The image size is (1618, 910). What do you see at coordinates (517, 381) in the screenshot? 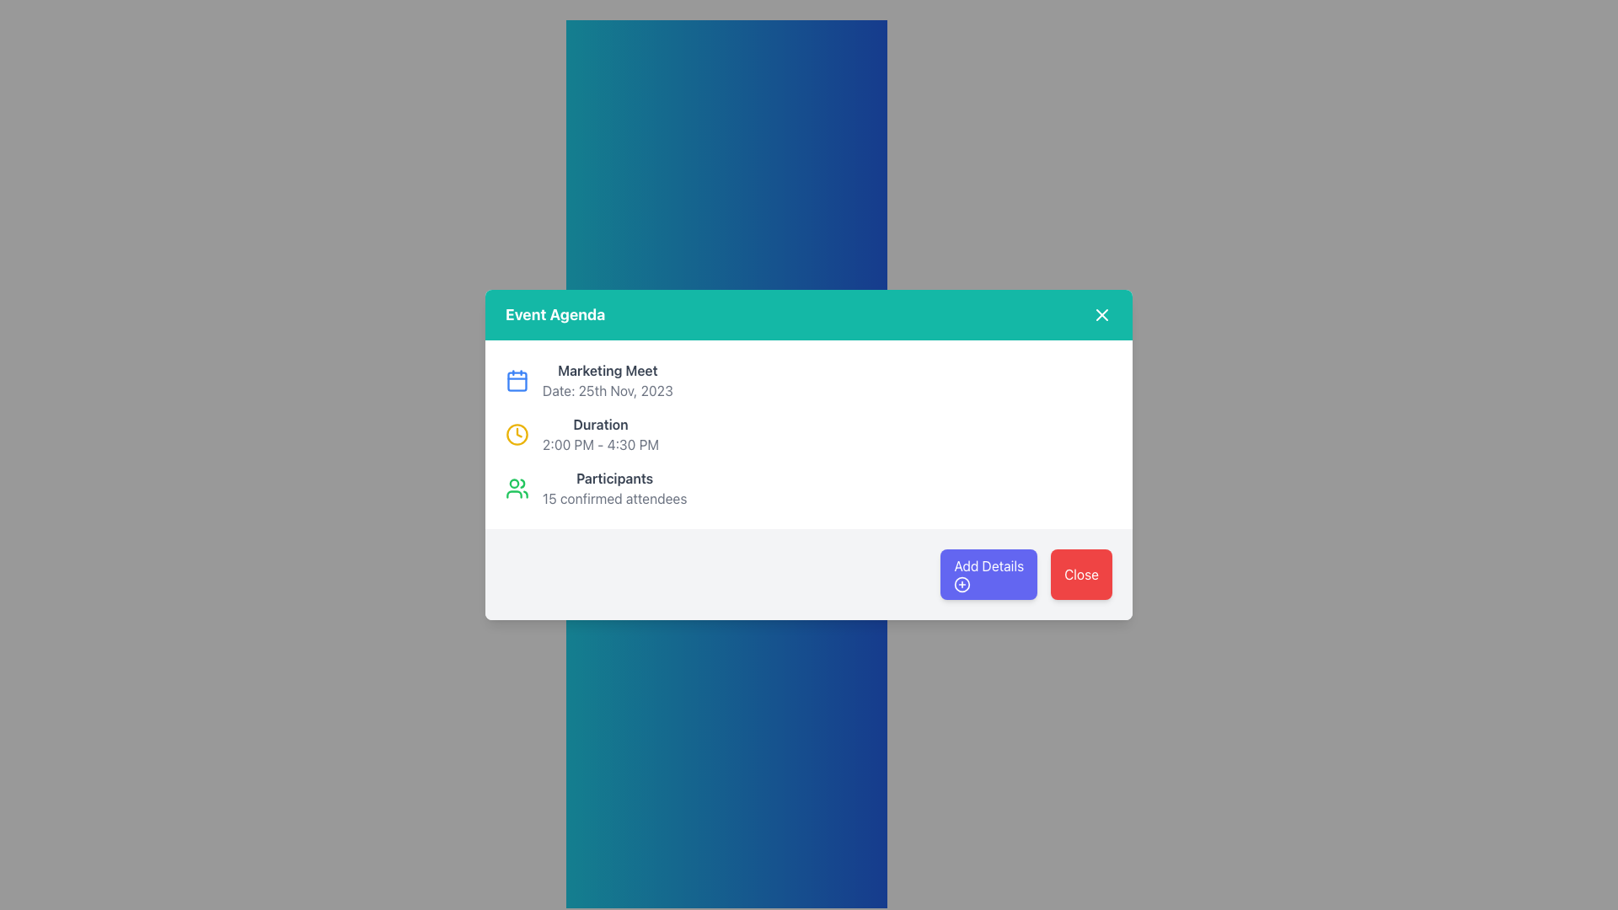
I see `the decorative icon part, which is a small rounded rectangle with blue strokes inside a calendar-like icon, located to the left of the 'Marketing Meet' agenda text item in the Event Agenda UI component` at bounding box center [517, 381].